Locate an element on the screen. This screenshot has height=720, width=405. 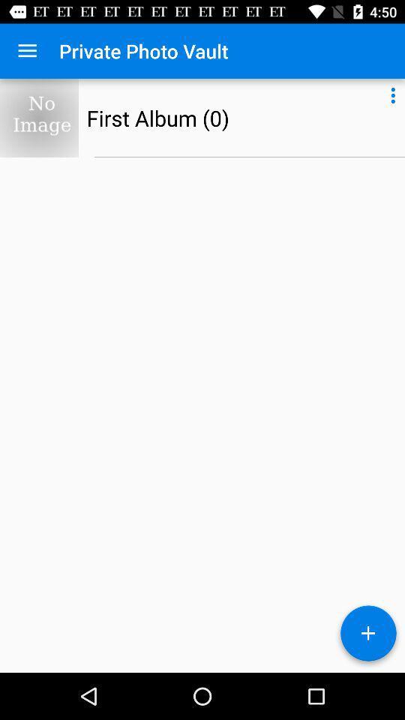
app next to private photo vault icon is located at coordinates (27, 51).